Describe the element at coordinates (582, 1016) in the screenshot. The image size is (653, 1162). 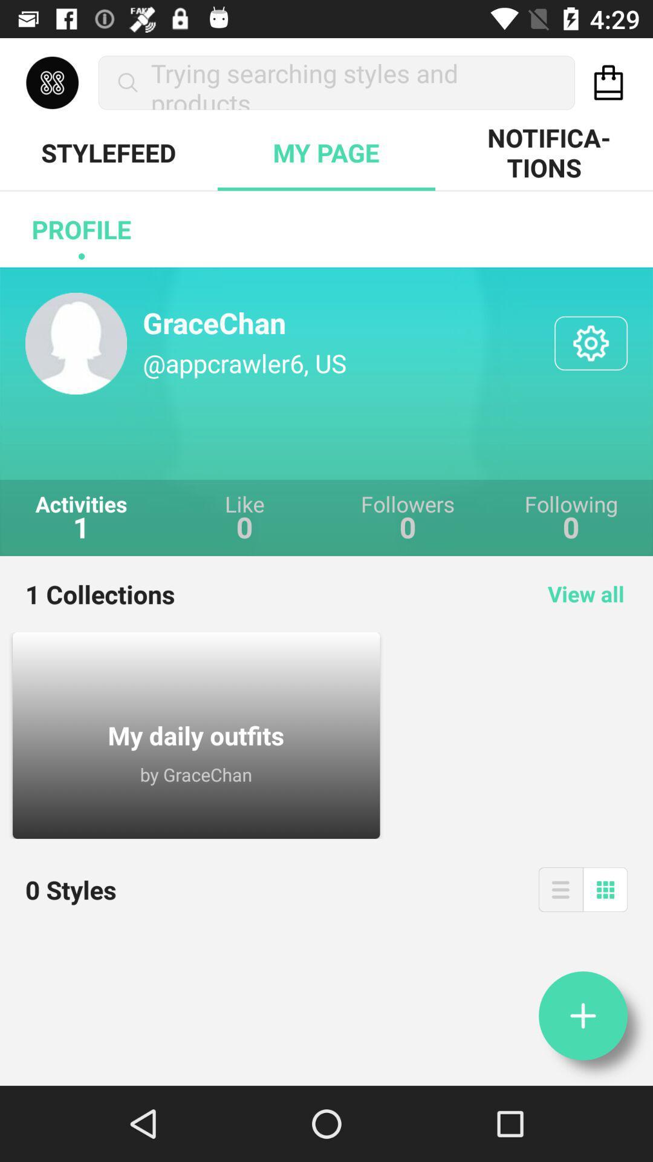
I see `tap for more information` at that location.